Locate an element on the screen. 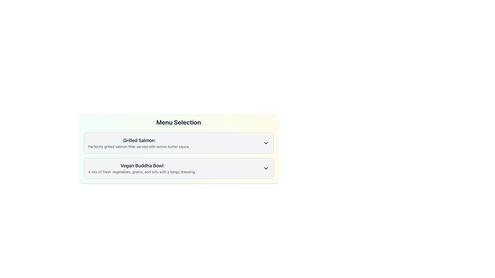  to select the 'Vegan Buddha Bowl' option from the vertical selection menu under the header 'Menu Selection' is located at coordinates (178, 168).